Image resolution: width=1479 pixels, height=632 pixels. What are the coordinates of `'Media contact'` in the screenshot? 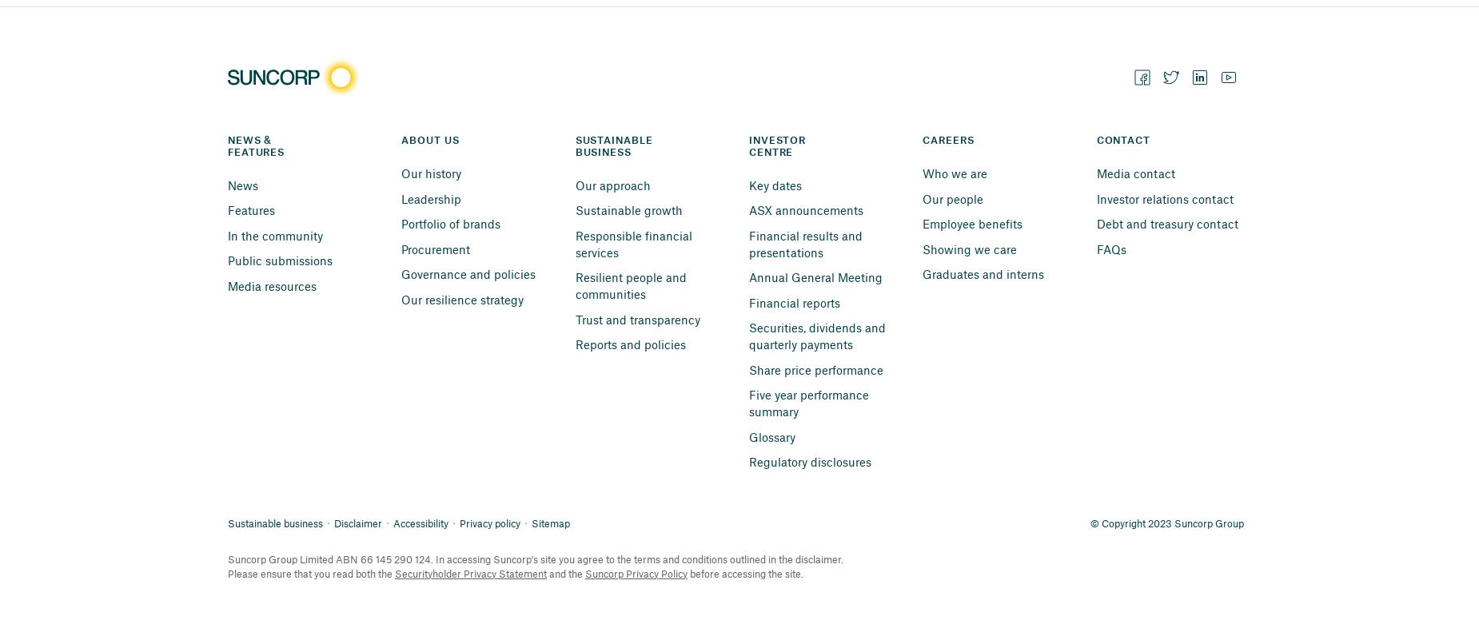 It's located at (1135, 173).